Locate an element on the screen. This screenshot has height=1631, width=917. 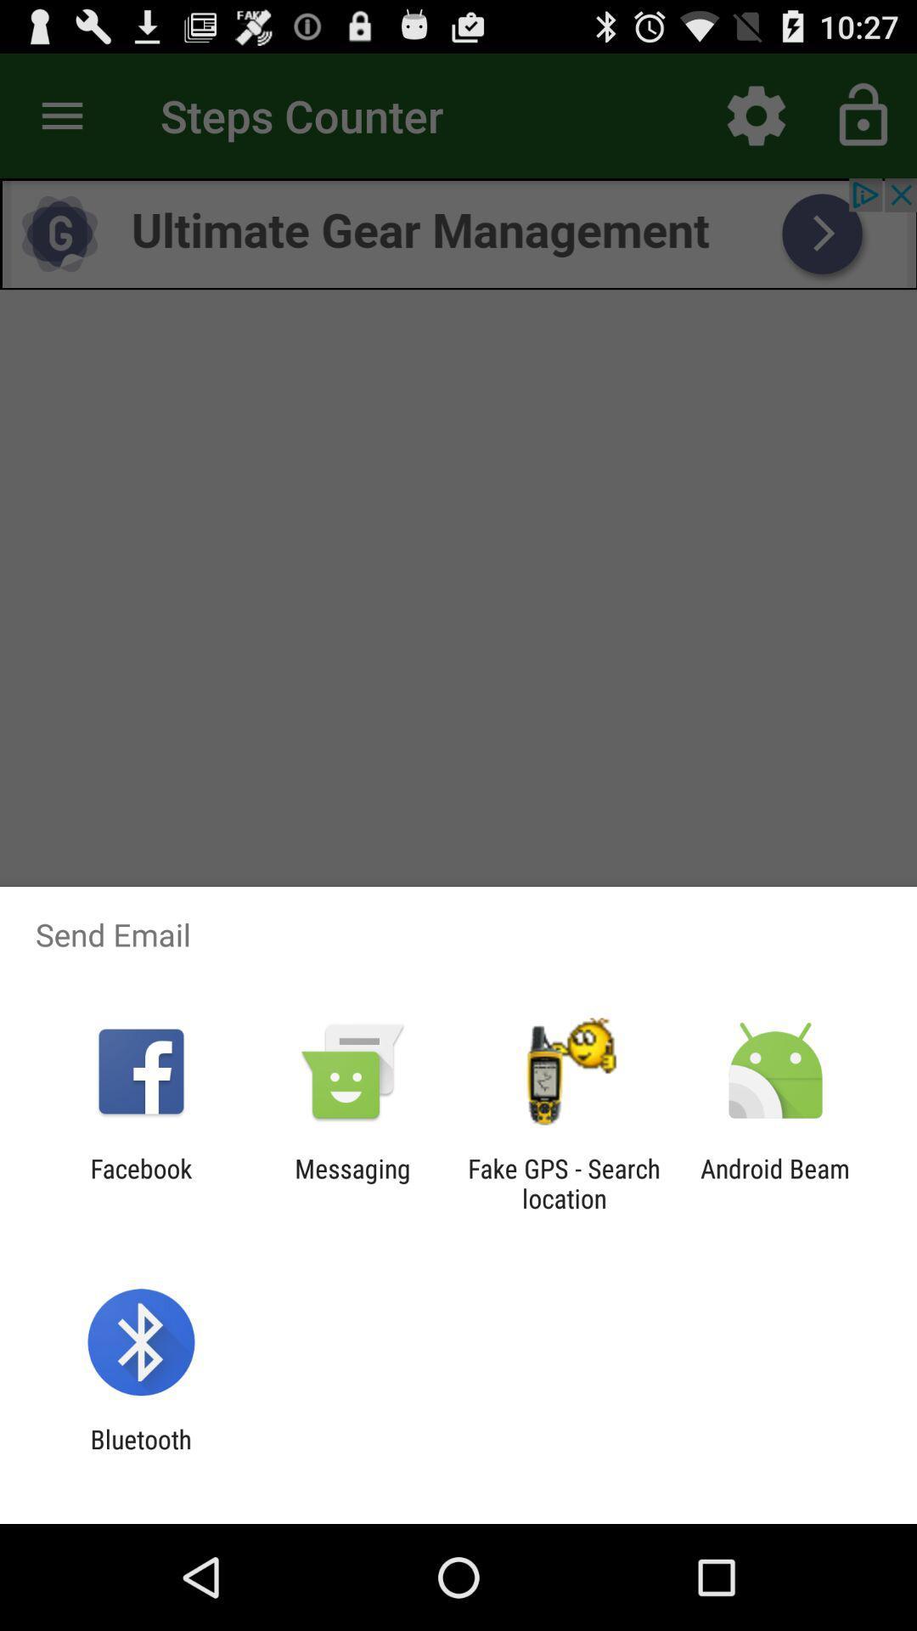
the item next to messaging is located at coordinates (140, 1182).